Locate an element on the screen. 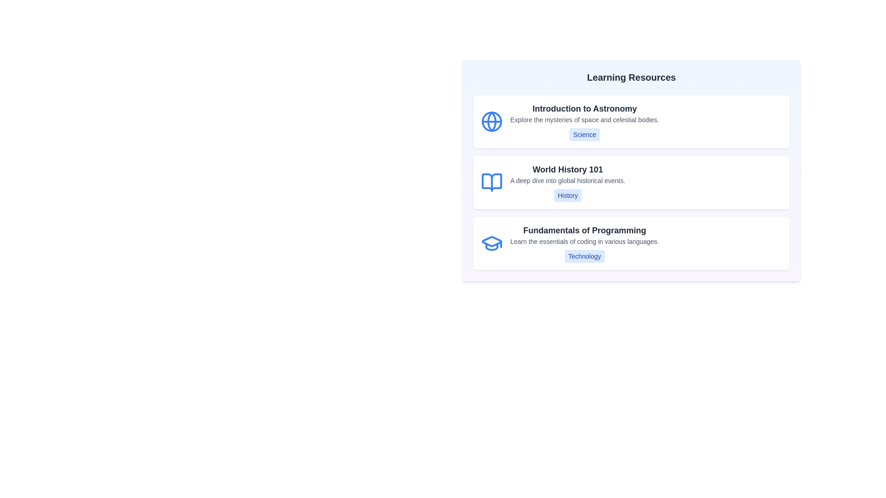 This screenshot has width=886, height=498. the background of the Learning Resources component to trigger visual feedback is located at coordinates (631, 171).